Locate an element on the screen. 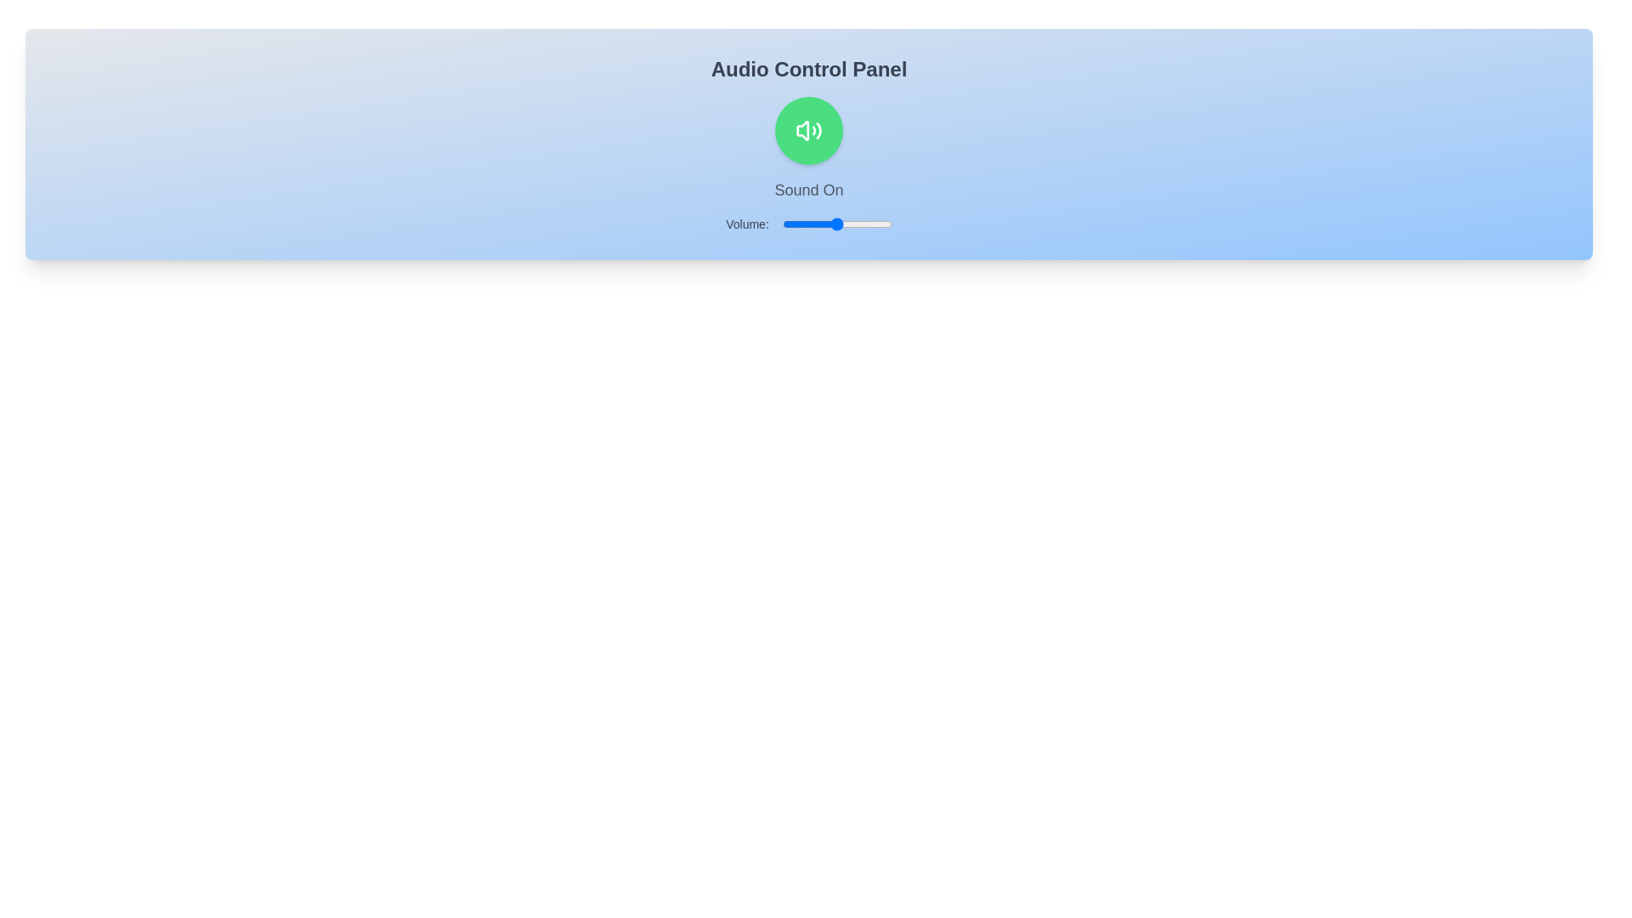 Image resolution: width=1632 pixels, height=918 pixels. the EnhancedAudioToggle button to toggle the mute/unmute state is located at coordinates (807, 130).